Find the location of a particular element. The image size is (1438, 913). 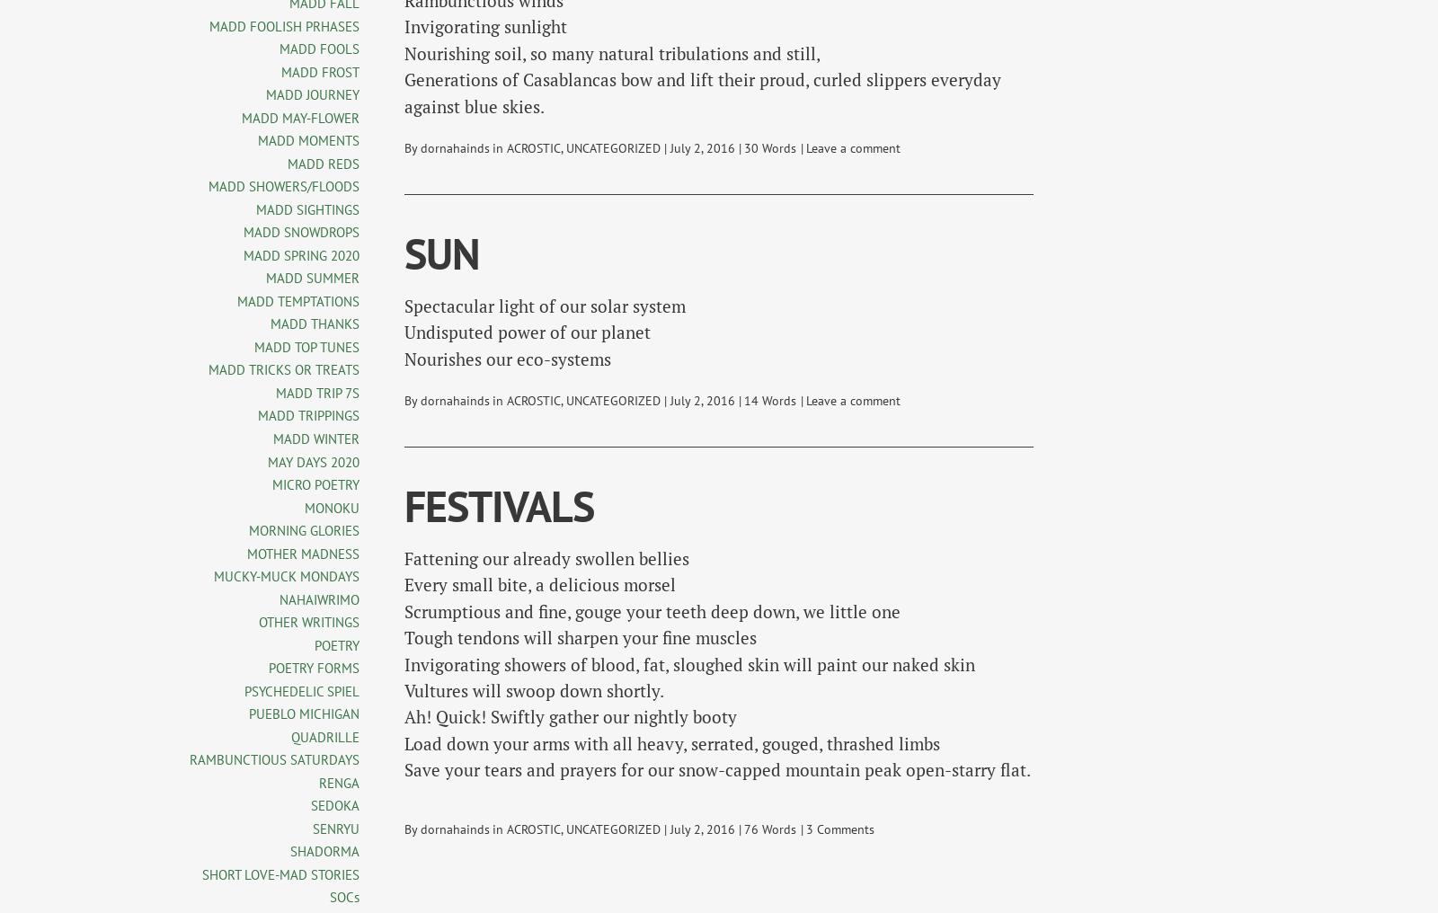

'SHADORMA' is located at coordinates (324, 850).